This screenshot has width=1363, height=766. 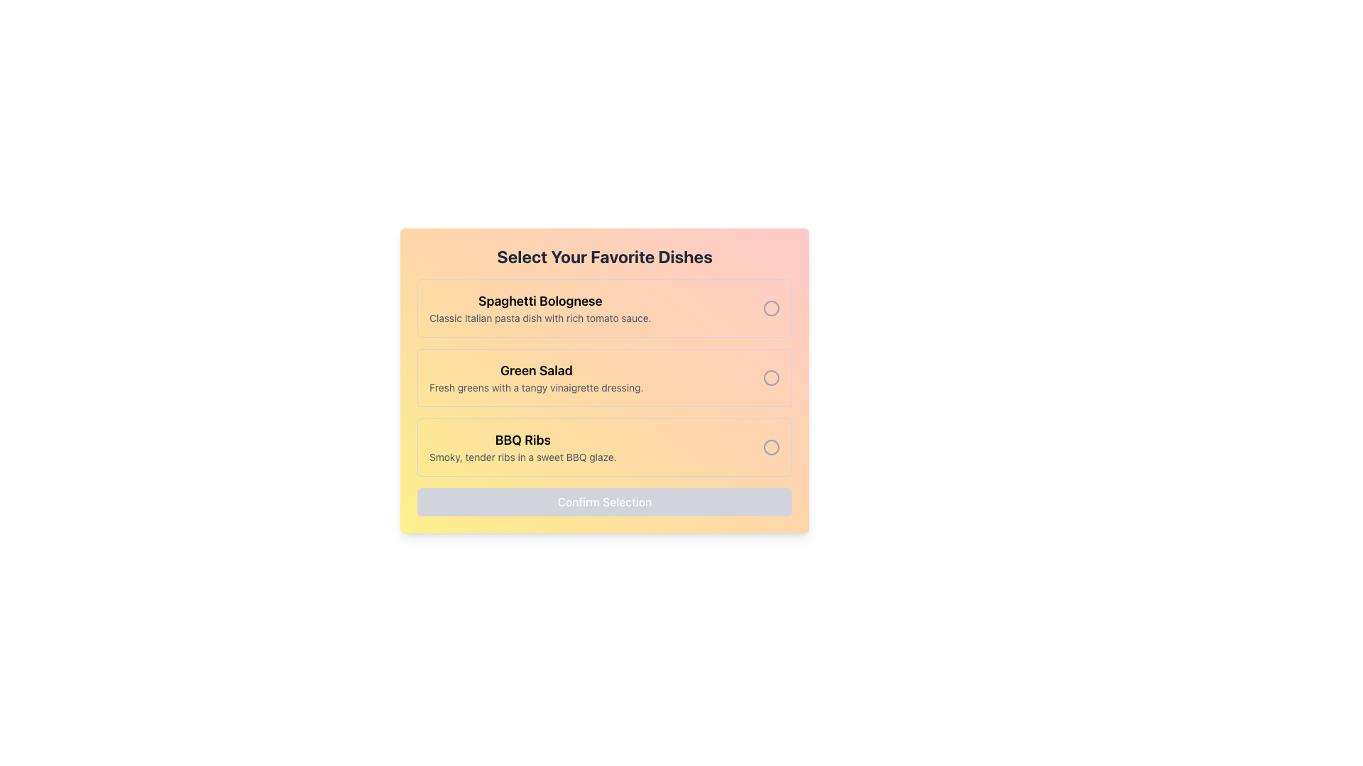 What do you see at coordinates (604, 501) in the screenshot?
I see `the 'Confirm Selection' button located at the bottom of the 'Select Your Favorite Dishes' section to observe a style change` at bounding box center [604, 501].